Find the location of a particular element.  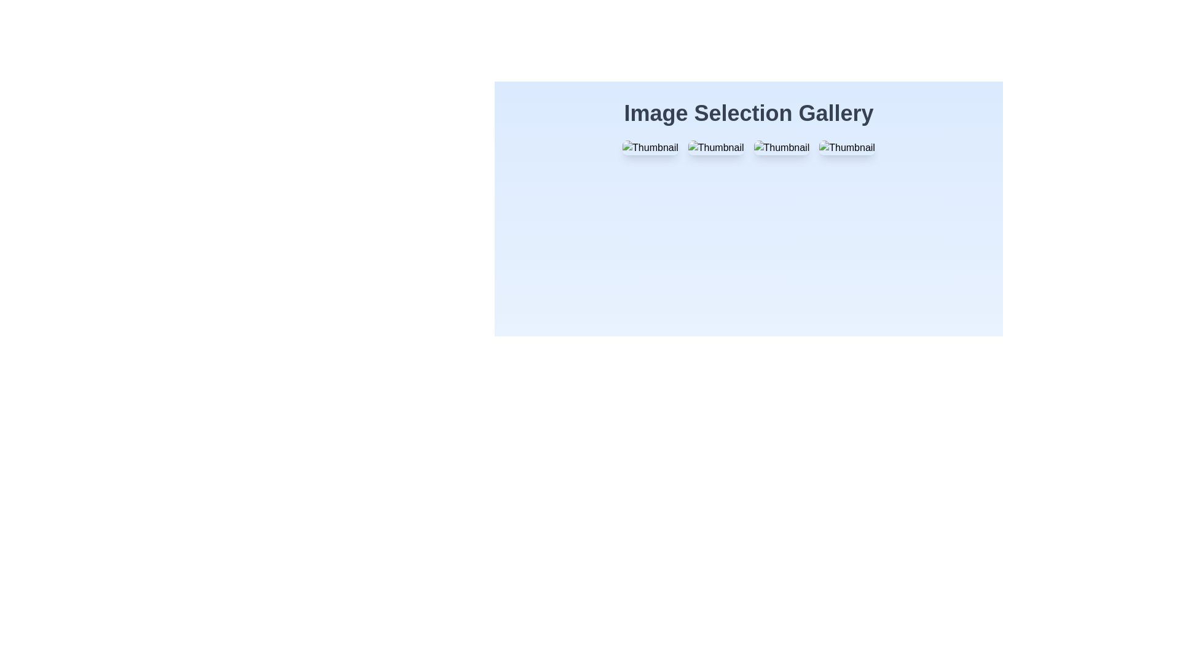

the thumbnail image located in the top row of the grid layout, which is the first item in its row is located at coordinates (650, 147).